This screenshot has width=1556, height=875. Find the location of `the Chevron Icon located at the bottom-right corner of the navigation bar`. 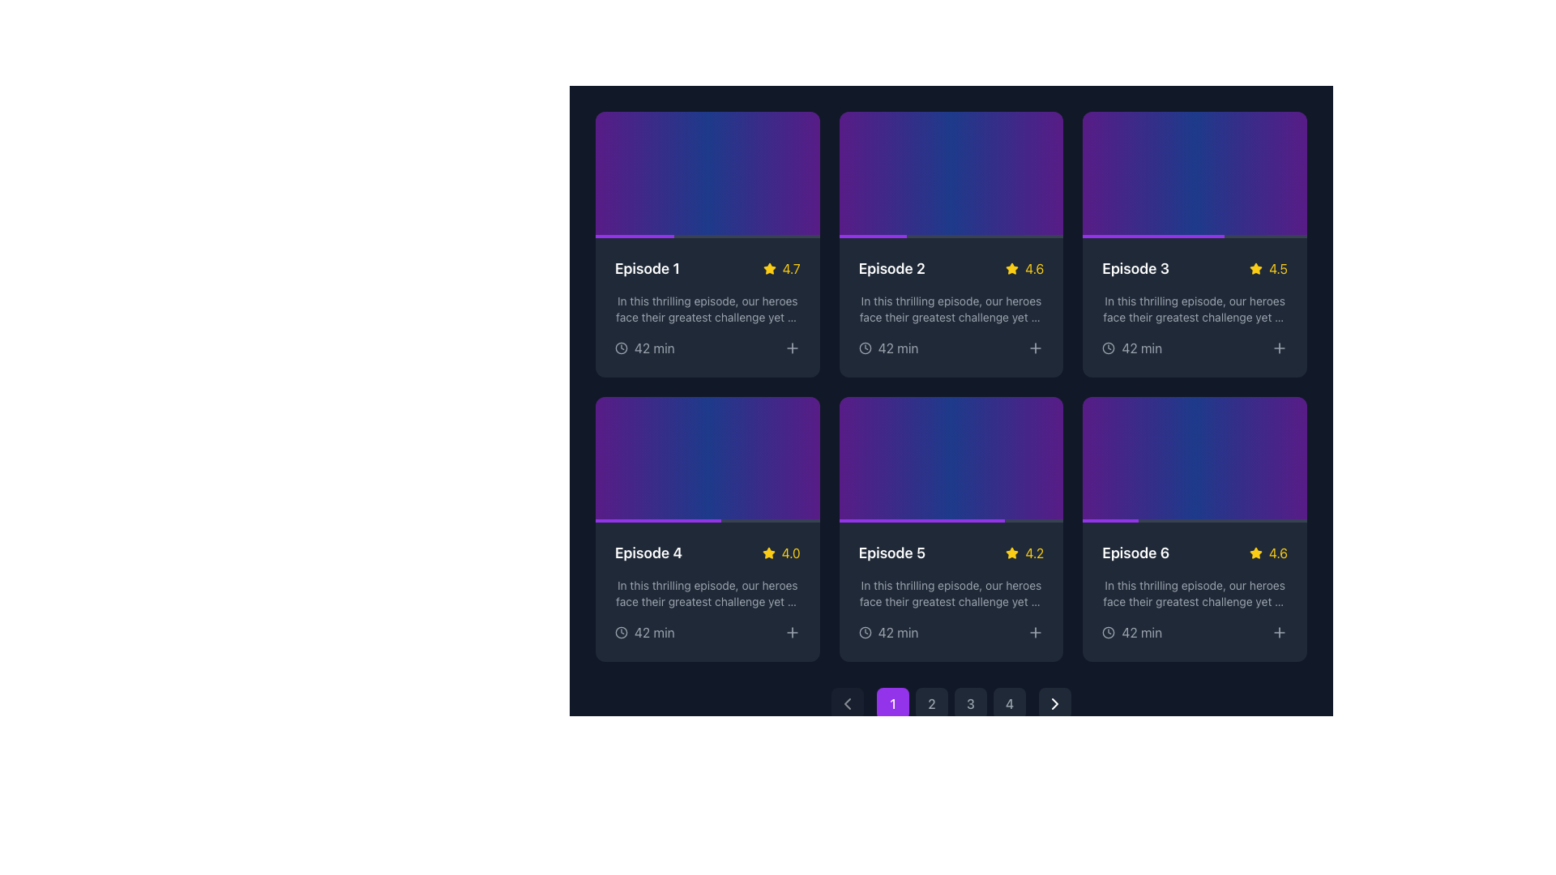

the Chevron Icon located at the bottom-right corner of the navigation bar is located at coordinates (1054, 702).